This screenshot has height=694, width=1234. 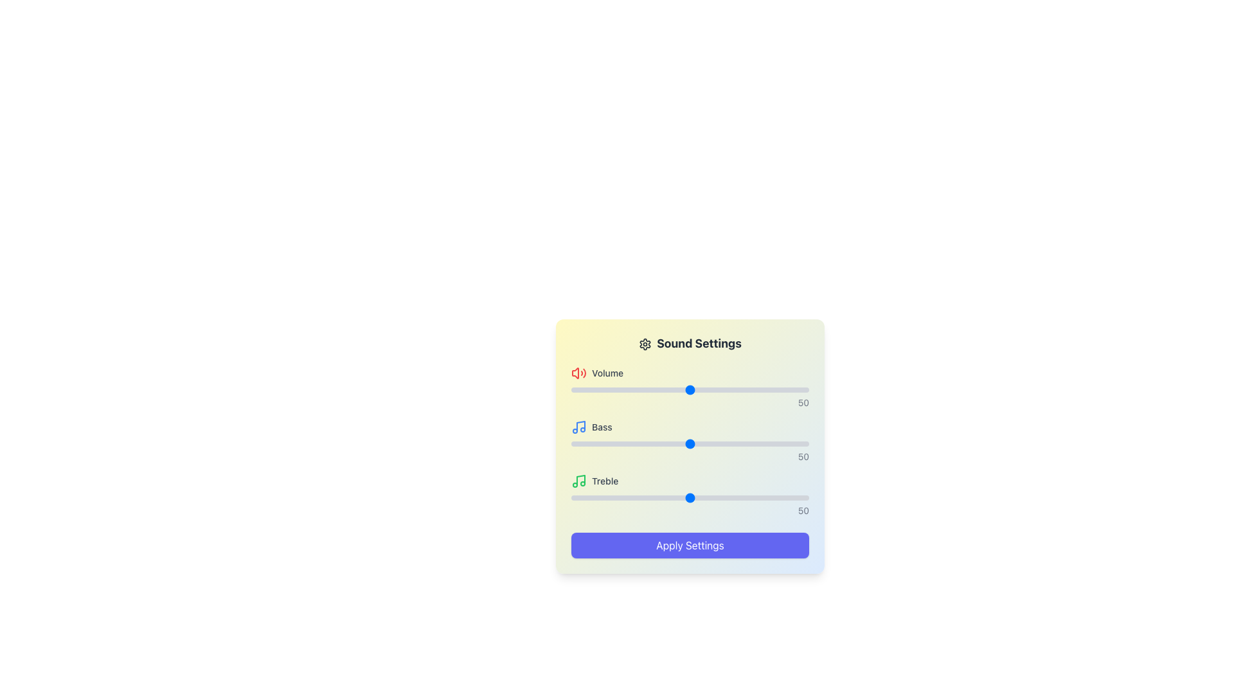 I want to click on treble, so click(x=606, y=497).